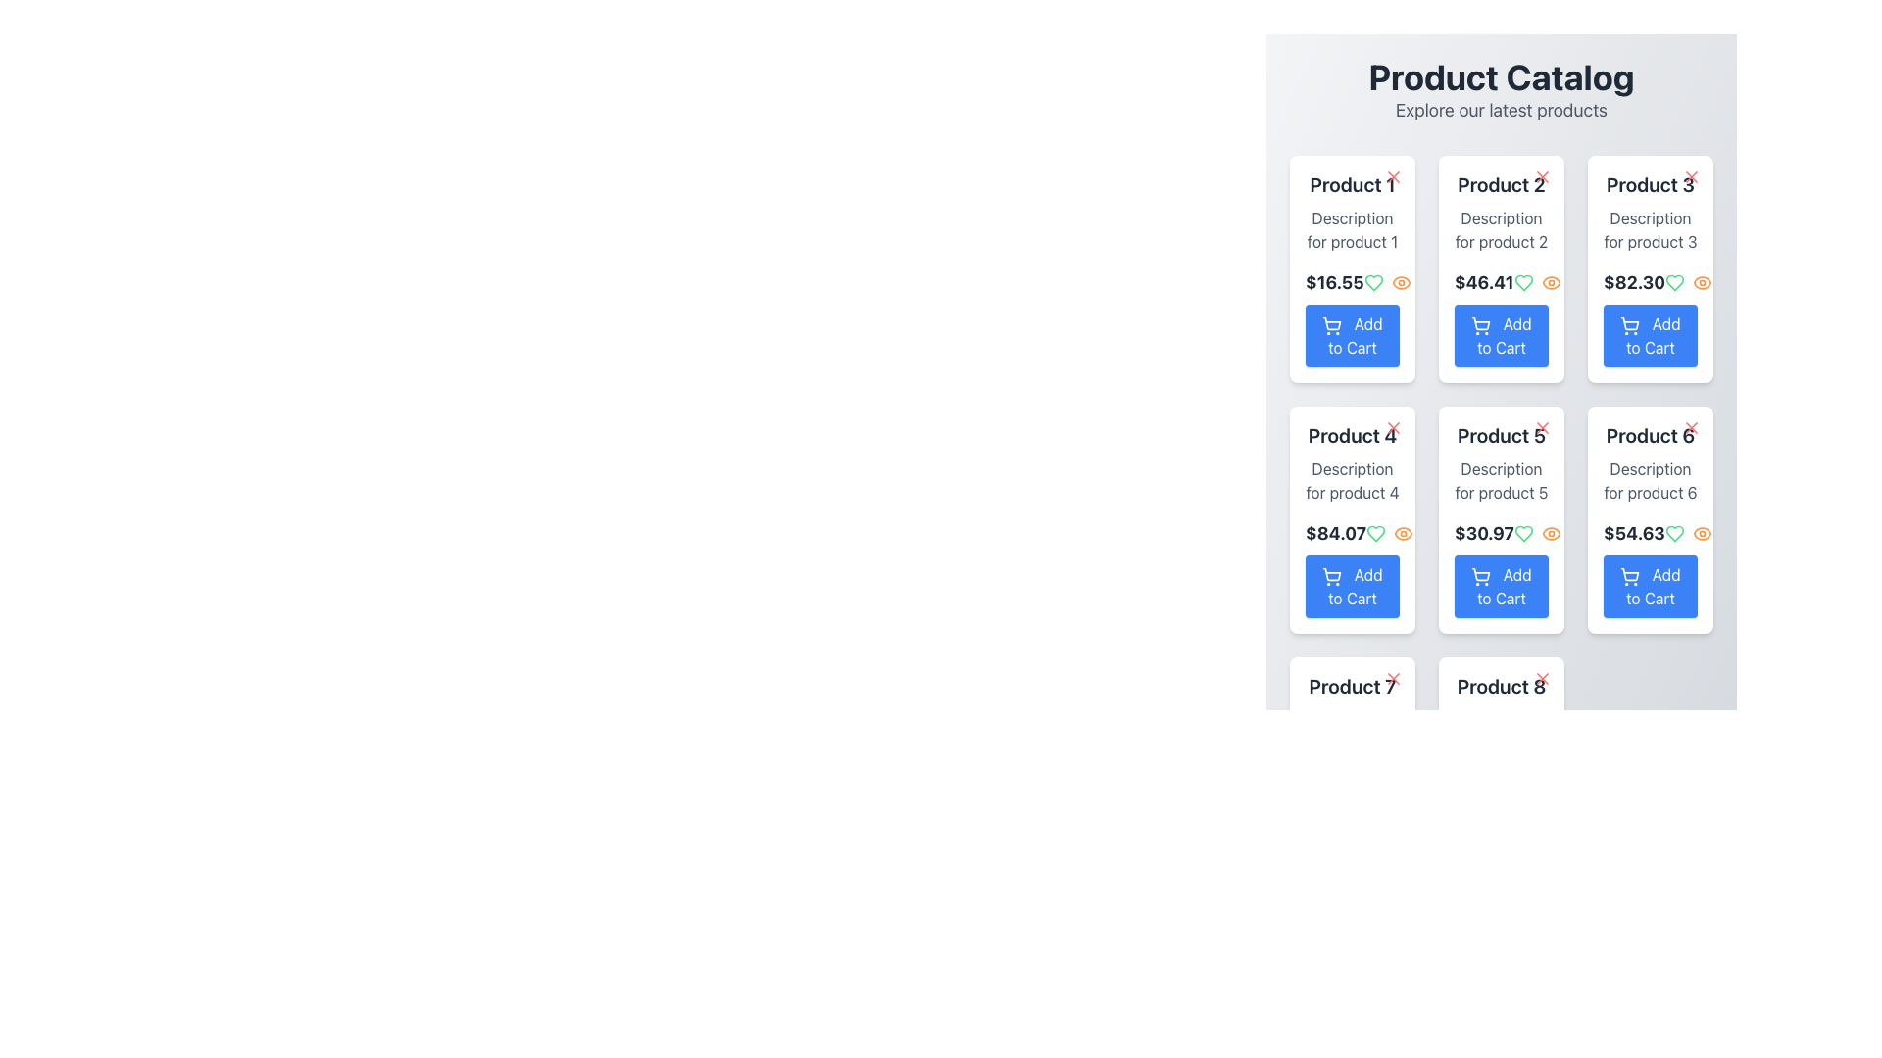 The height and width of the screenshot is (1058, 1882). I want to click on the orange eye-shaped icon with a hollow center located to the right of the price and heart icon in the fifth product card of the Product Catalog, so click(1551, 533).